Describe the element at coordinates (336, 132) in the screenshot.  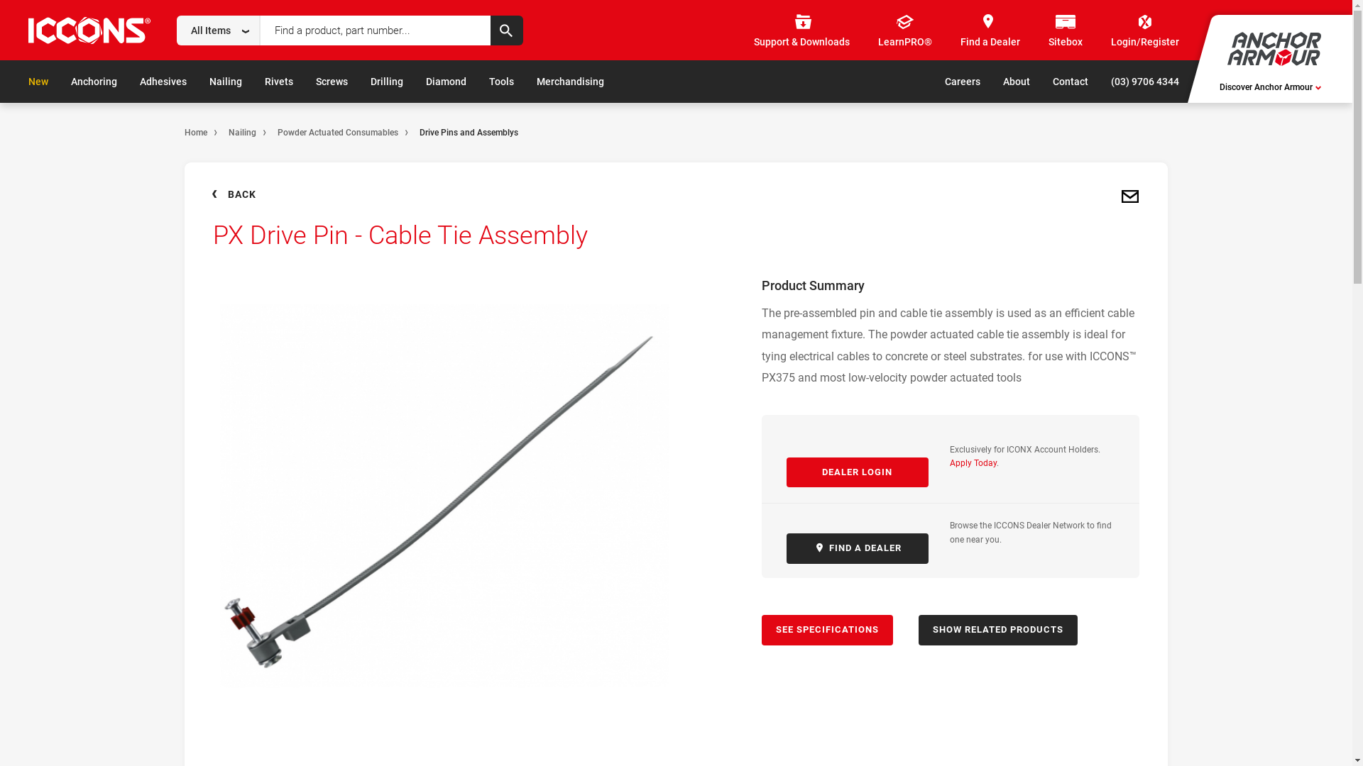
I see `'Powder Actuated Consumables'` at that location.